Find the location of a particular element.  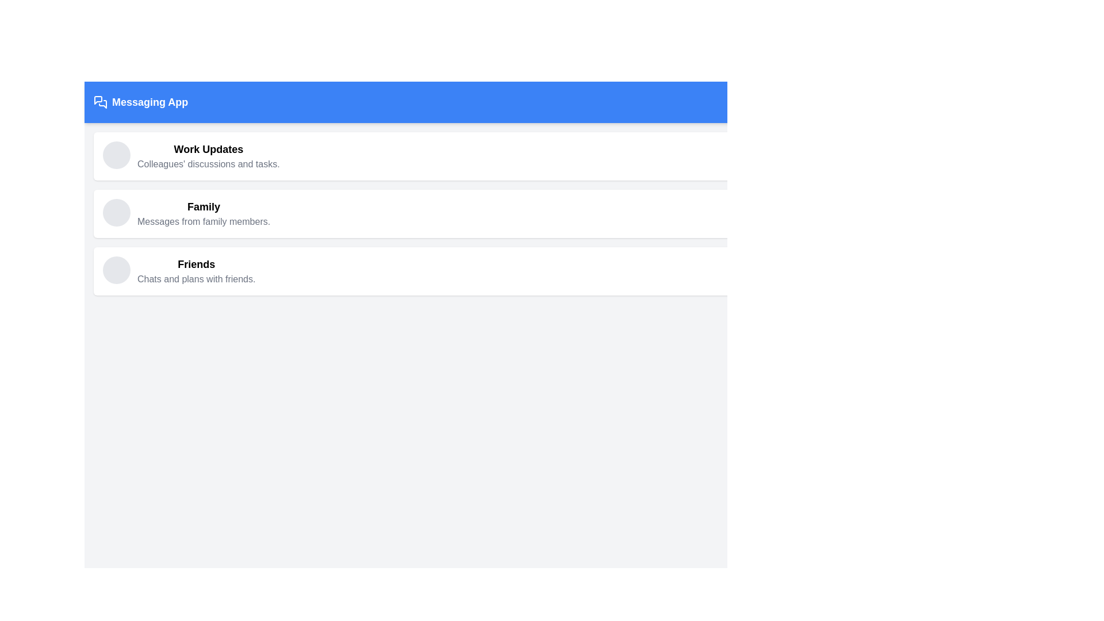

text content of the Text block titled 'Friends', which includes the subtitle 'Chats and plans with friends.' is located at coordinates (196, 271).